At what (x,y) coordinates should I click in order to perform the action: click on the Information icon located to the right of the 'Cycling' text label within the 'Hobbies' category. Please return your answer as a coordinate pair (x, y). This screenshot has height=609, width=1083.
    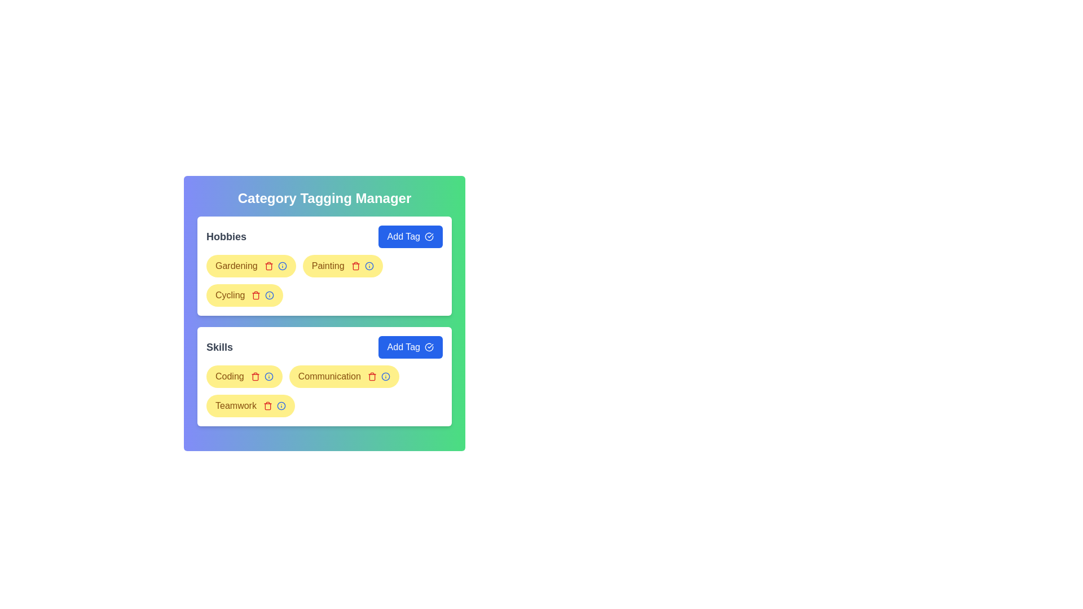
    Looking at the image, I should click on (282, 266).